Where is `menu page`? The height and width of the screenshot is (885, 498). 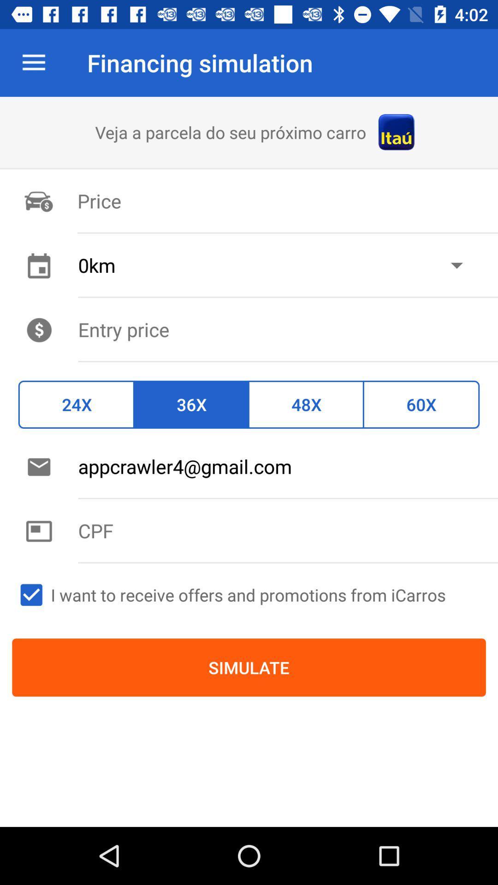 menu page is located at coordinates (287, 329).